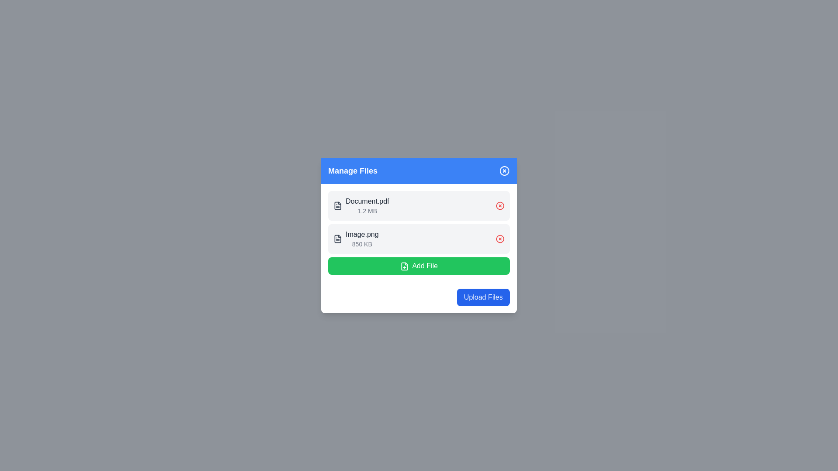  Describe the element at coordinates (367, 205) in the screenshot. I see `the Text label displaying the file name and size` at that location.